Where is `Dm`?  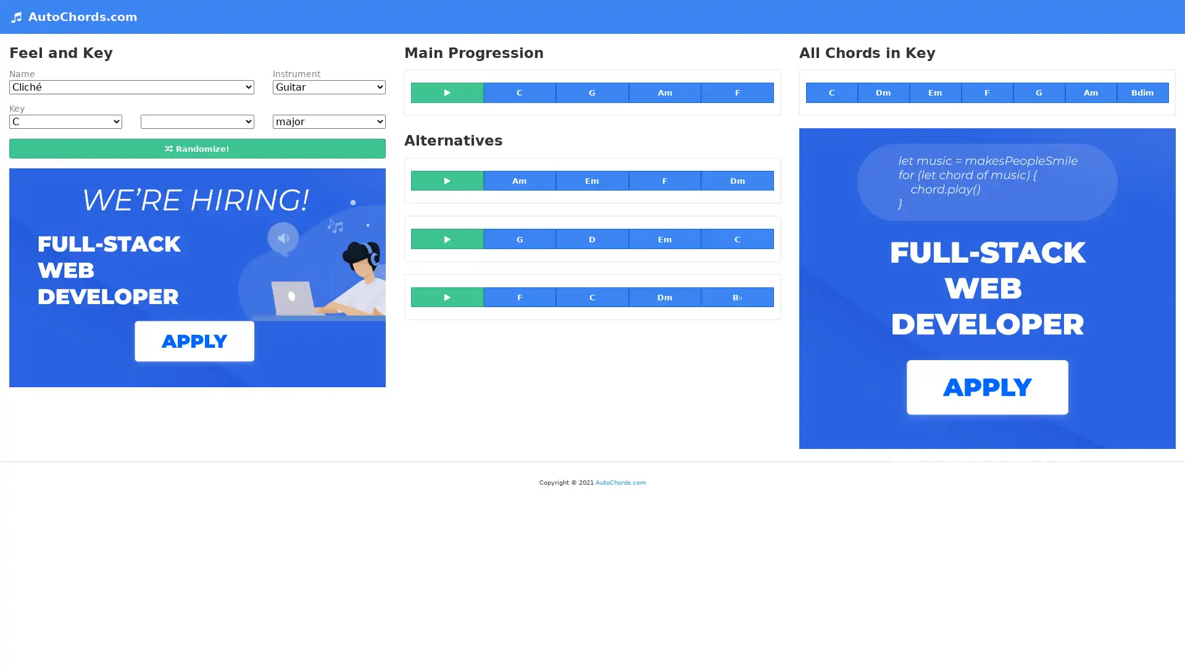
Dm is located at coordinates (883, 92).